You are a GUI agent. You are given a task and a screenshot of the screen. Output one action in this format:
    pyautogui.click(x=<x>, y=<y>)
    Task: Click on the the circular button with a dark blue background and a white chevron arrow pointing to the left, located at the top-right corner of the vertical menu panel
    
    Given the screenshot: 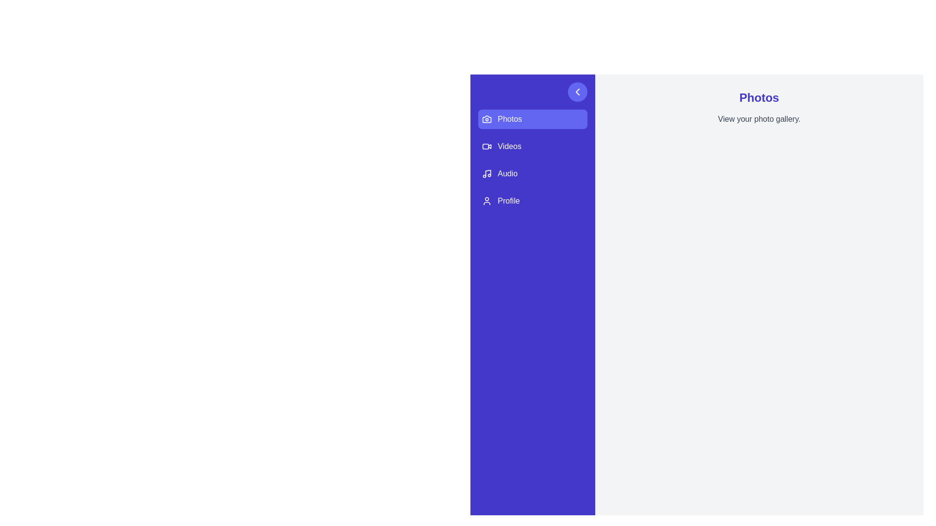 What is the action you would take?
    pyautogui.click(x=578, y=92)
    